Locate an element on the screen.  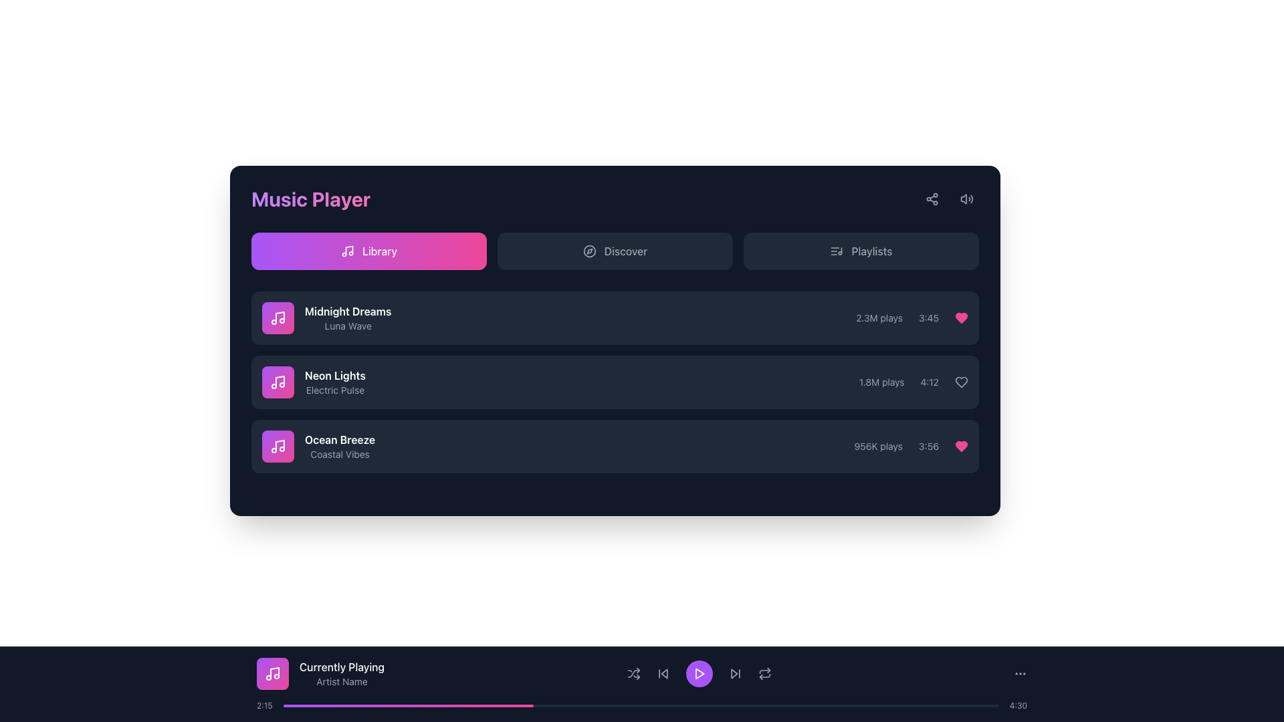
the circular button containing an SVG-based icon of three connected dots, which suggests a share or connection function is located at coordinates (931, 199).